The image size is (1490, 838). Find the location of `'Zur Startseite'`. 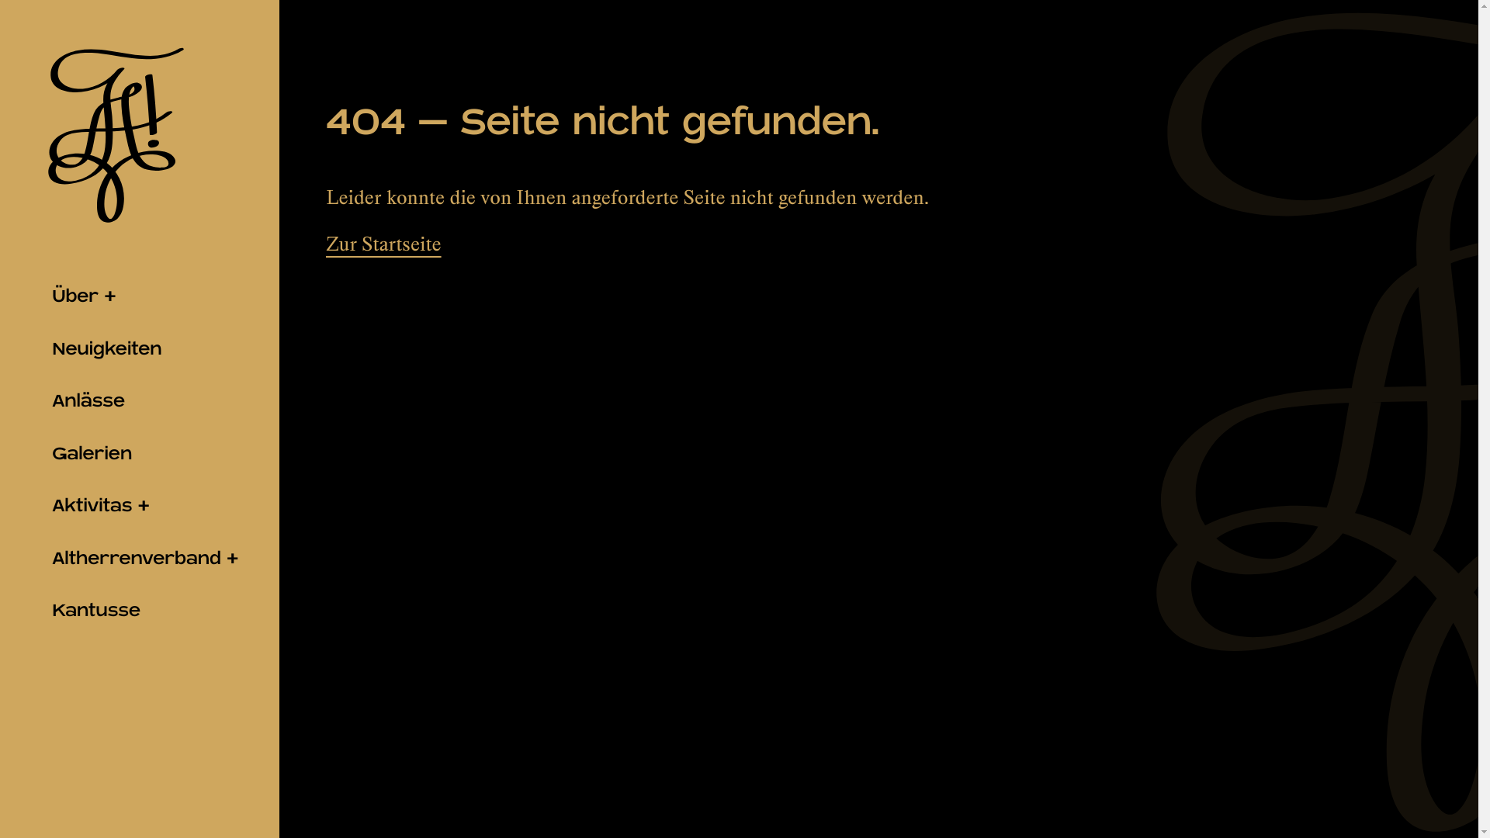

'Zur Startseite' is located at coordinates (383, 244).